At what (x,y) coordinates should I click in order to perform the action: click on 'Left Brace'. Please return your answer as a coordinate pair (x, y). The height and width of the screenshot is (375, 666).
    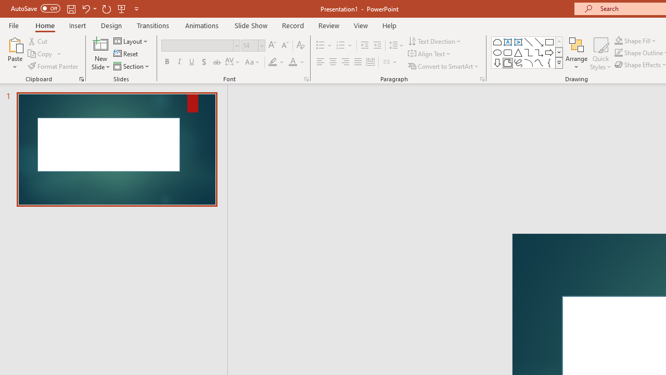
    Looking at the image, I should click on (549, 63).